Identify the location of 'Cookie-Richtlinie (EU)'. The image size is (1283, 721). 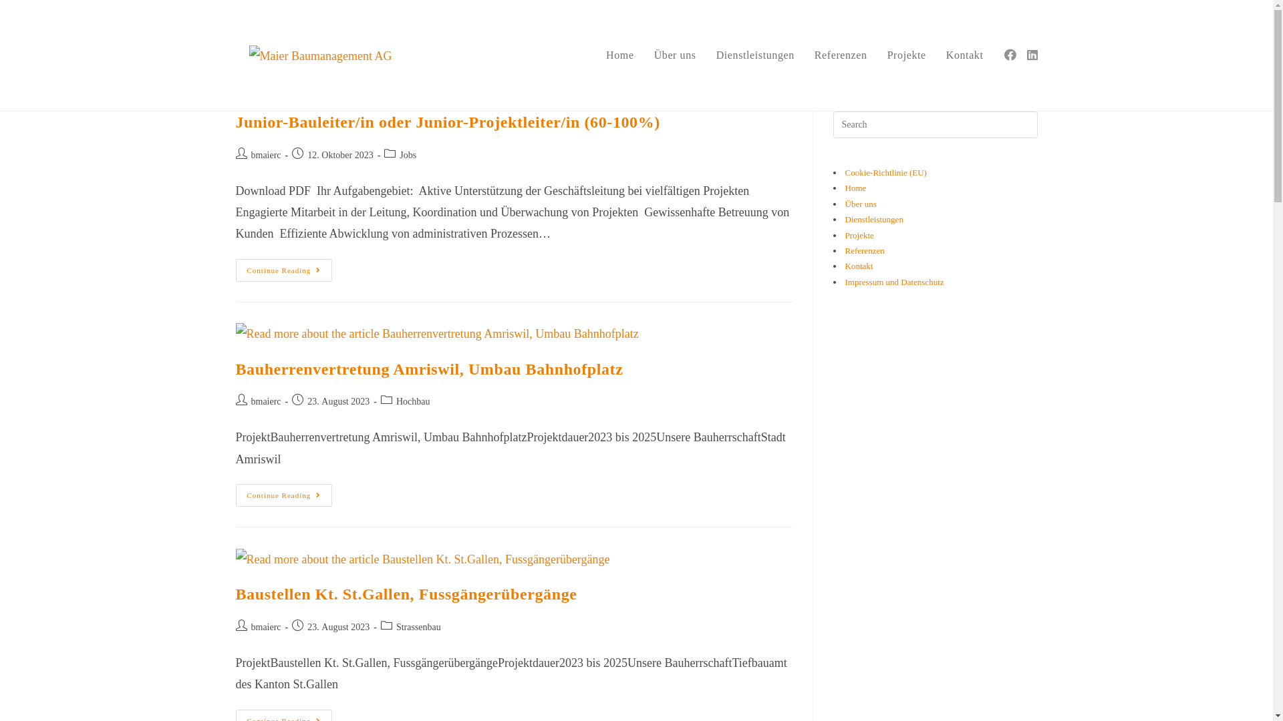
(885, 172).